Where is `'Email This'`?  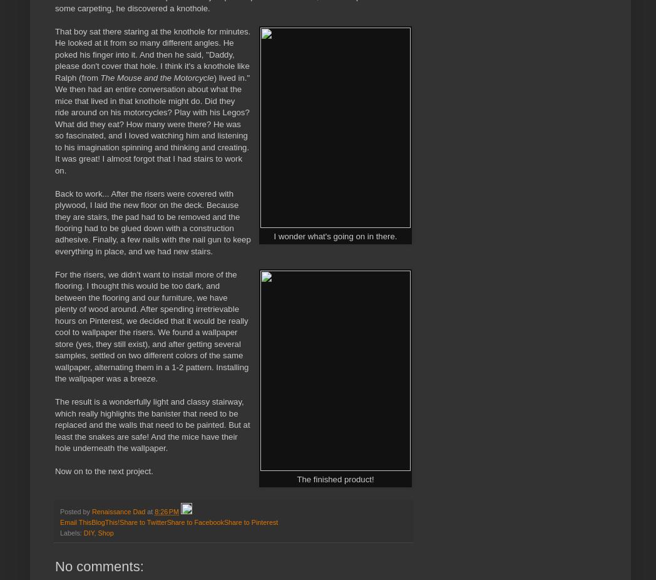 'Email This' is located at coordinates (75, 522).